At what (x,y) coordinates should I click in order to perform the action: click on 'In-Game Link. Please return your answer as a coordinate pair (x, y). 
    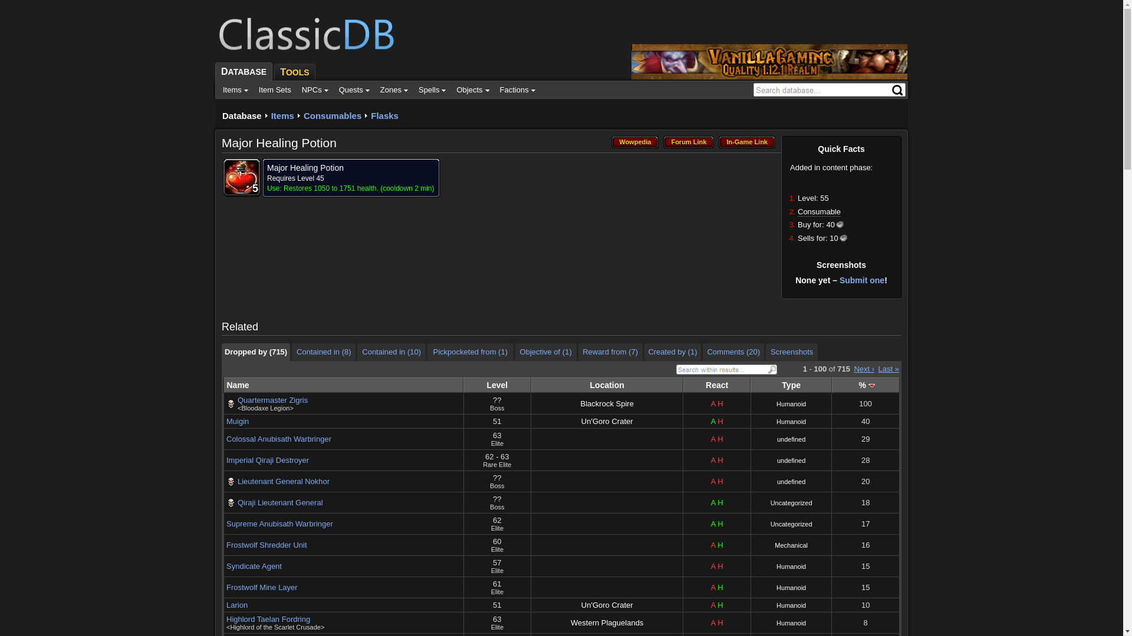
    Looking at the image, I should click on (718, 141).